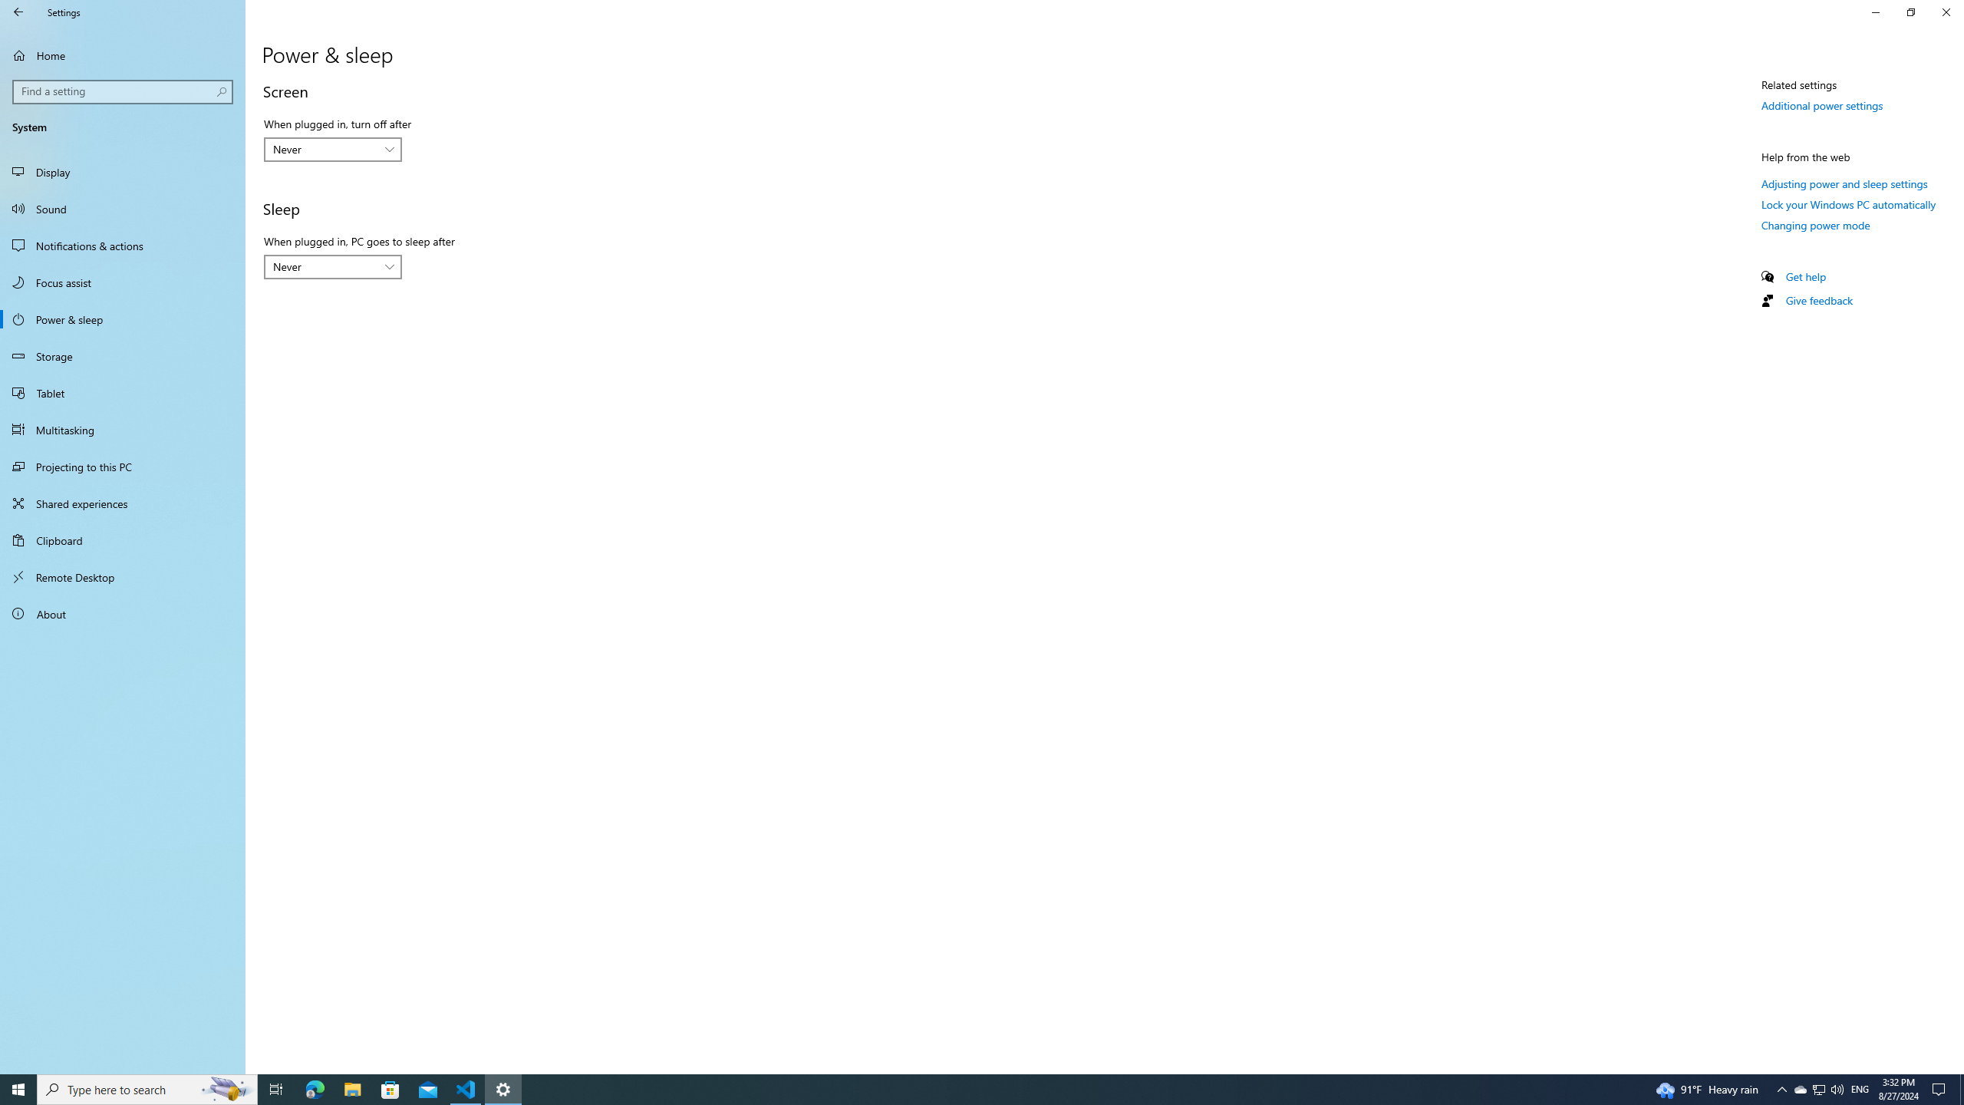 This screenshot has width=1964, height=1105. Describe the element at coordinates (122, 612) in the screenshot. I see `'About'` at that location.